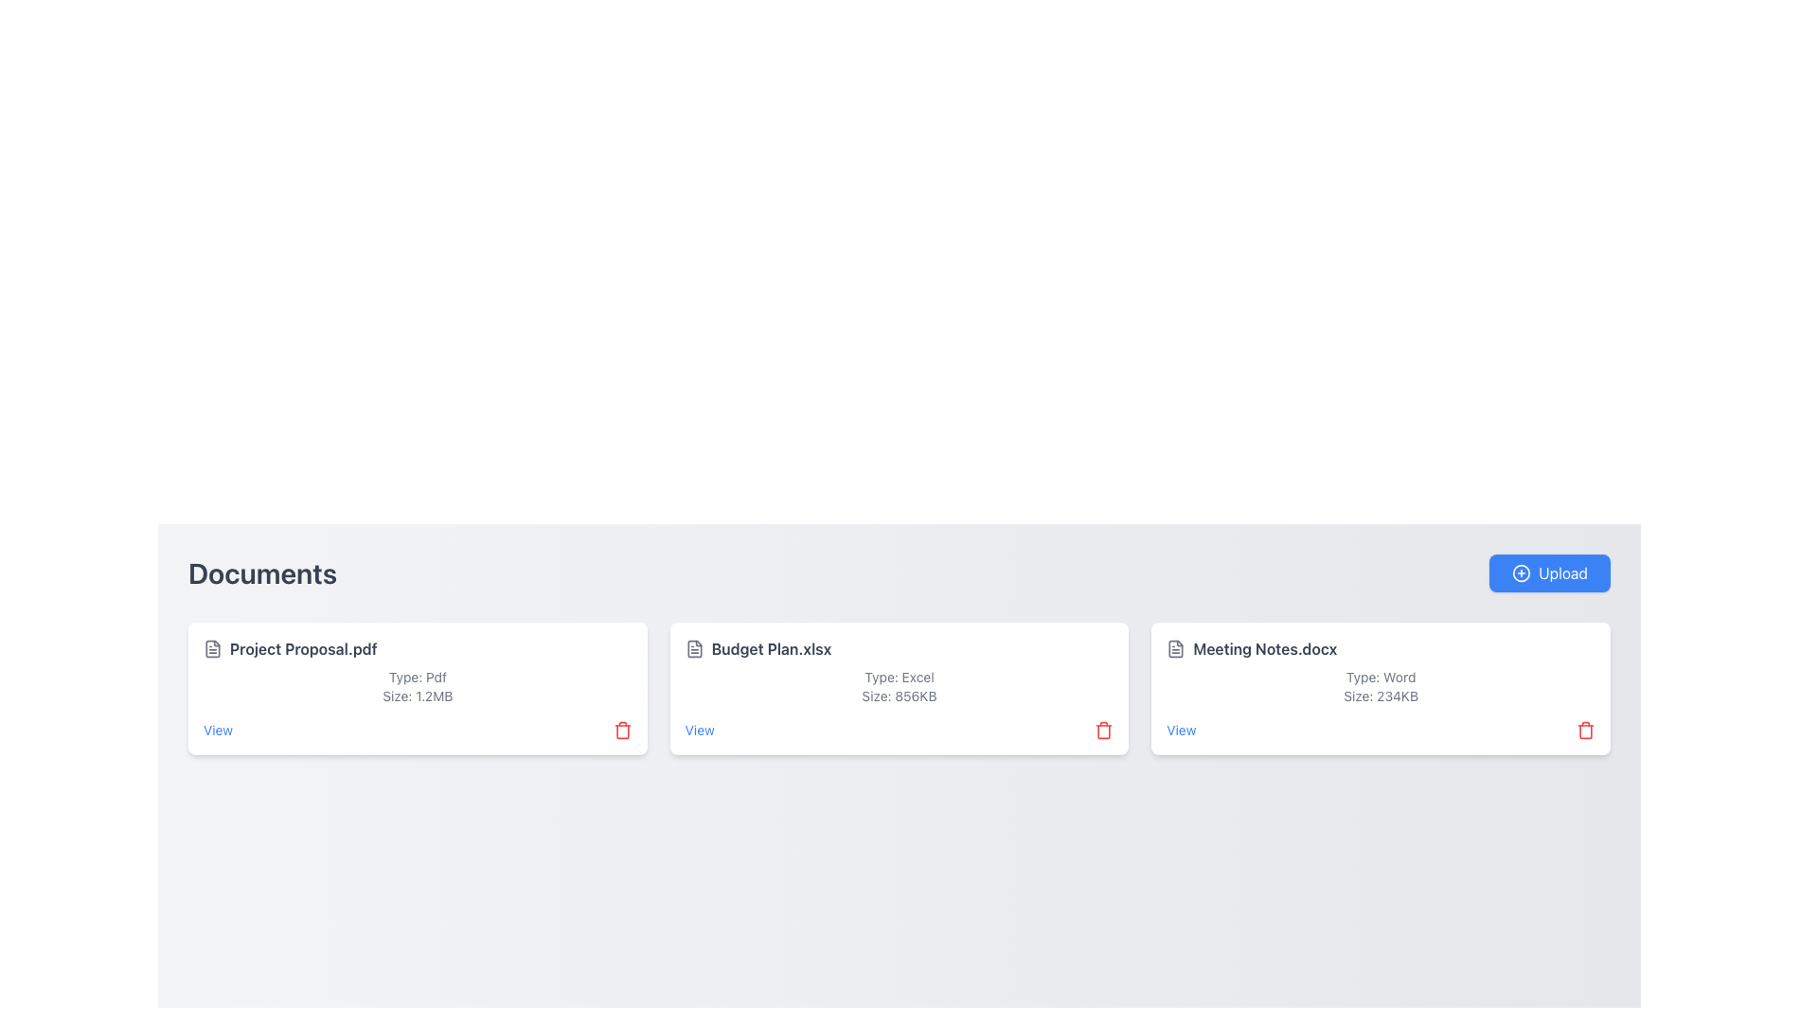  Describe the element at coordinates (1175, 648) in the screenshot. I see `the grayish file icon located at the center of the 'Meeting Notes.docx' card in the documents list, which resembles a document or file contour` at that location.